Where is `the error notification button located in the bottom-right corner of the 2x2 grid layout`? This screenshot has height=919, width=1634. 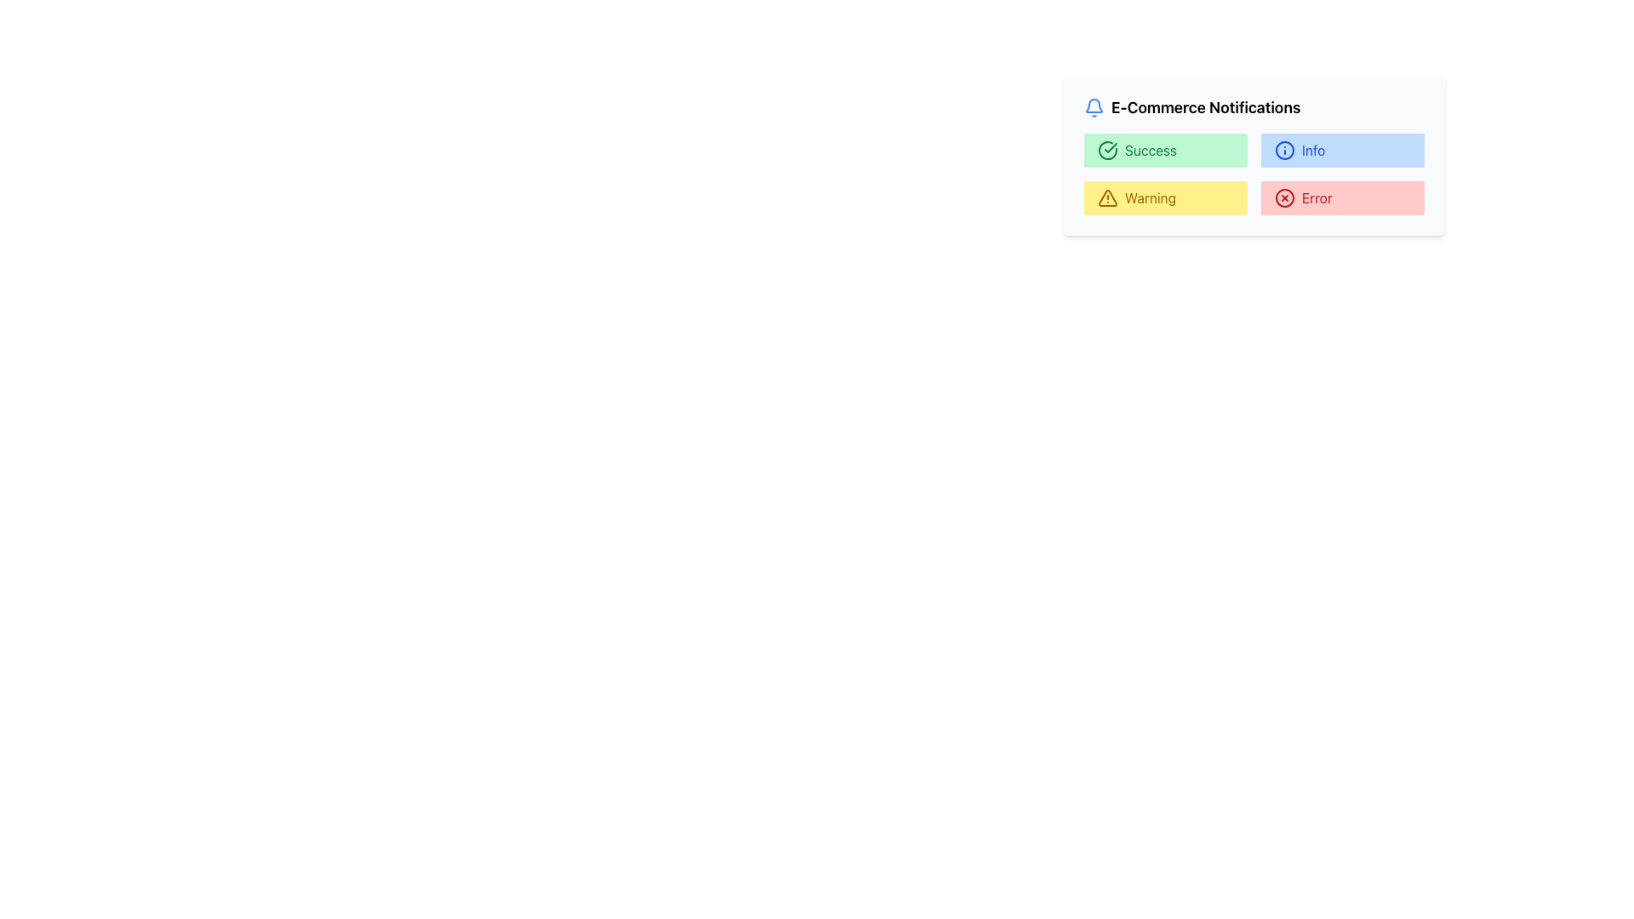 the error notification button located in the bottom-right corner of the 2x2 grid layout is located at coordinates (1342, 197).